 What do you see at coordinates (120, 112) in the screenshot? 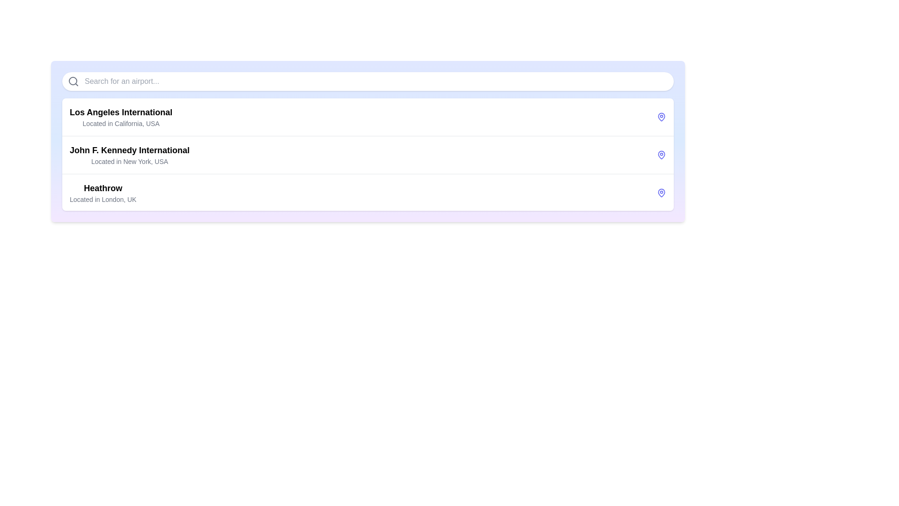
I see `text label identifying 'Los Angeles International' located at the top of the airport list, just above 'Located in California, USA.'` at bounding box center [120, 112].